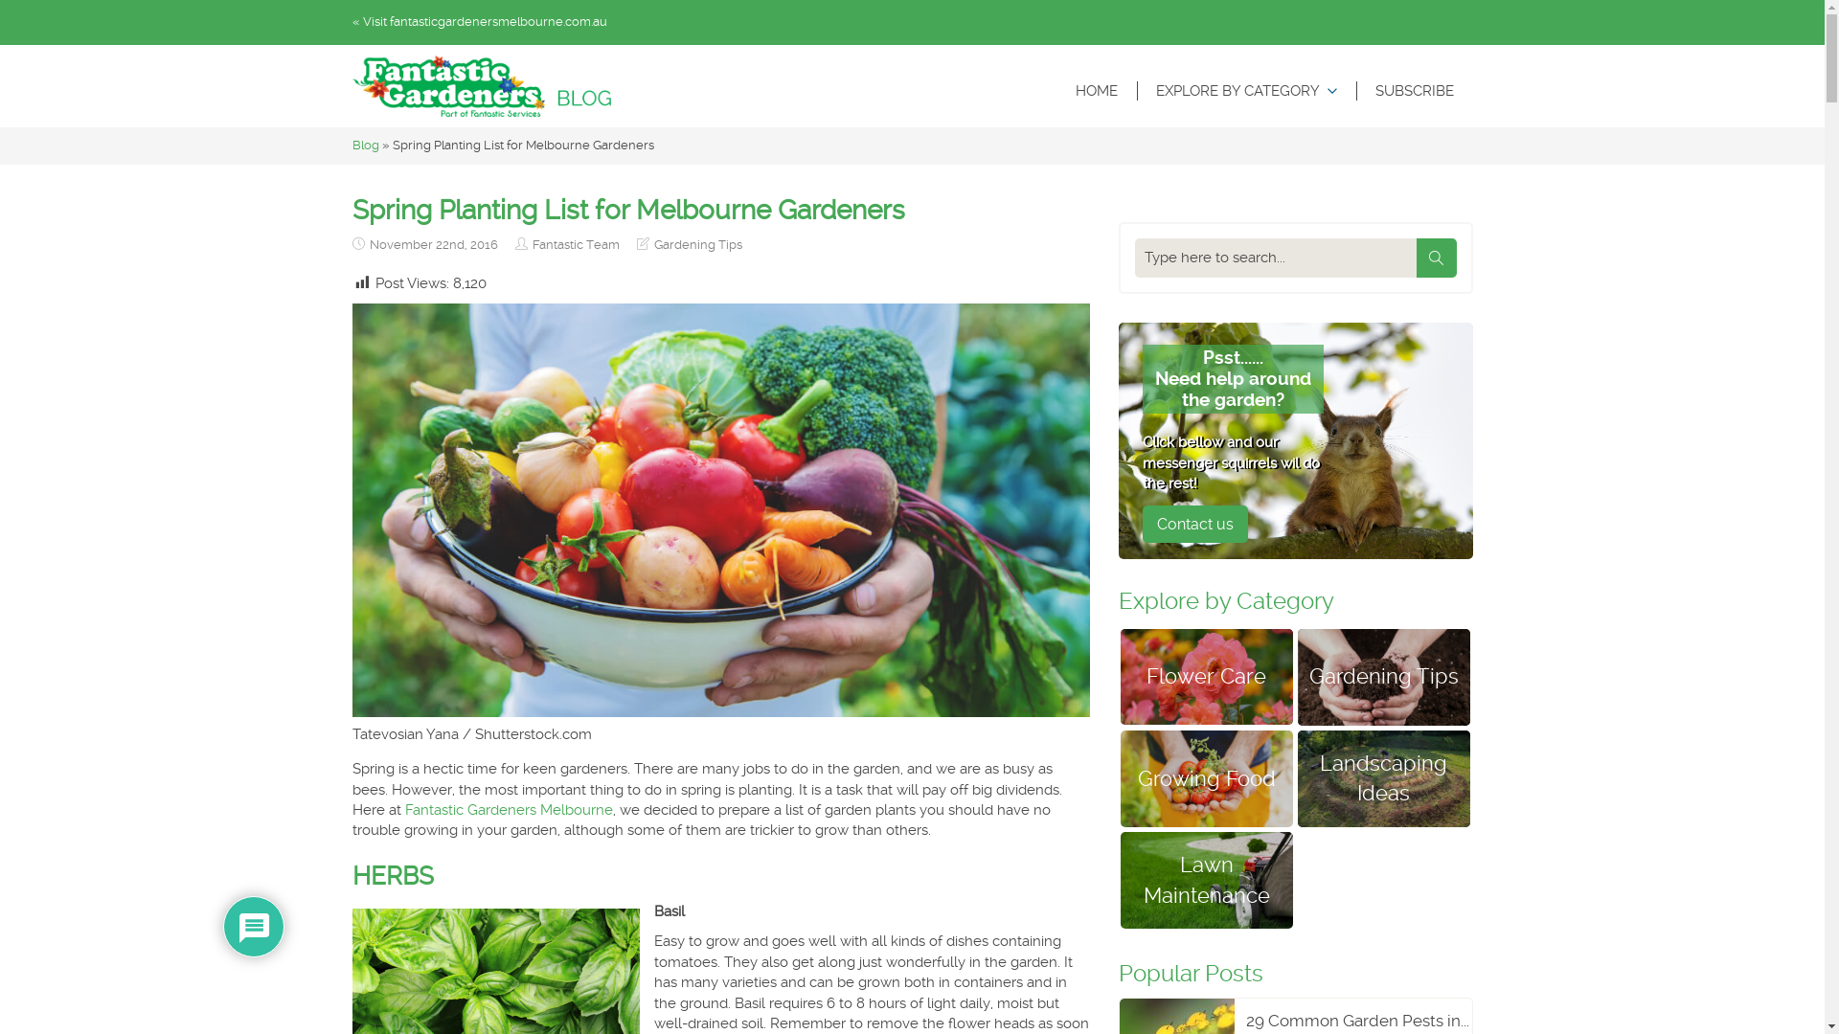  What do you see at coordinates (1245, 91) in the screenshot?
I see `'EXPLORE BY CATEGORY'` at bounding box center [1245, 91].